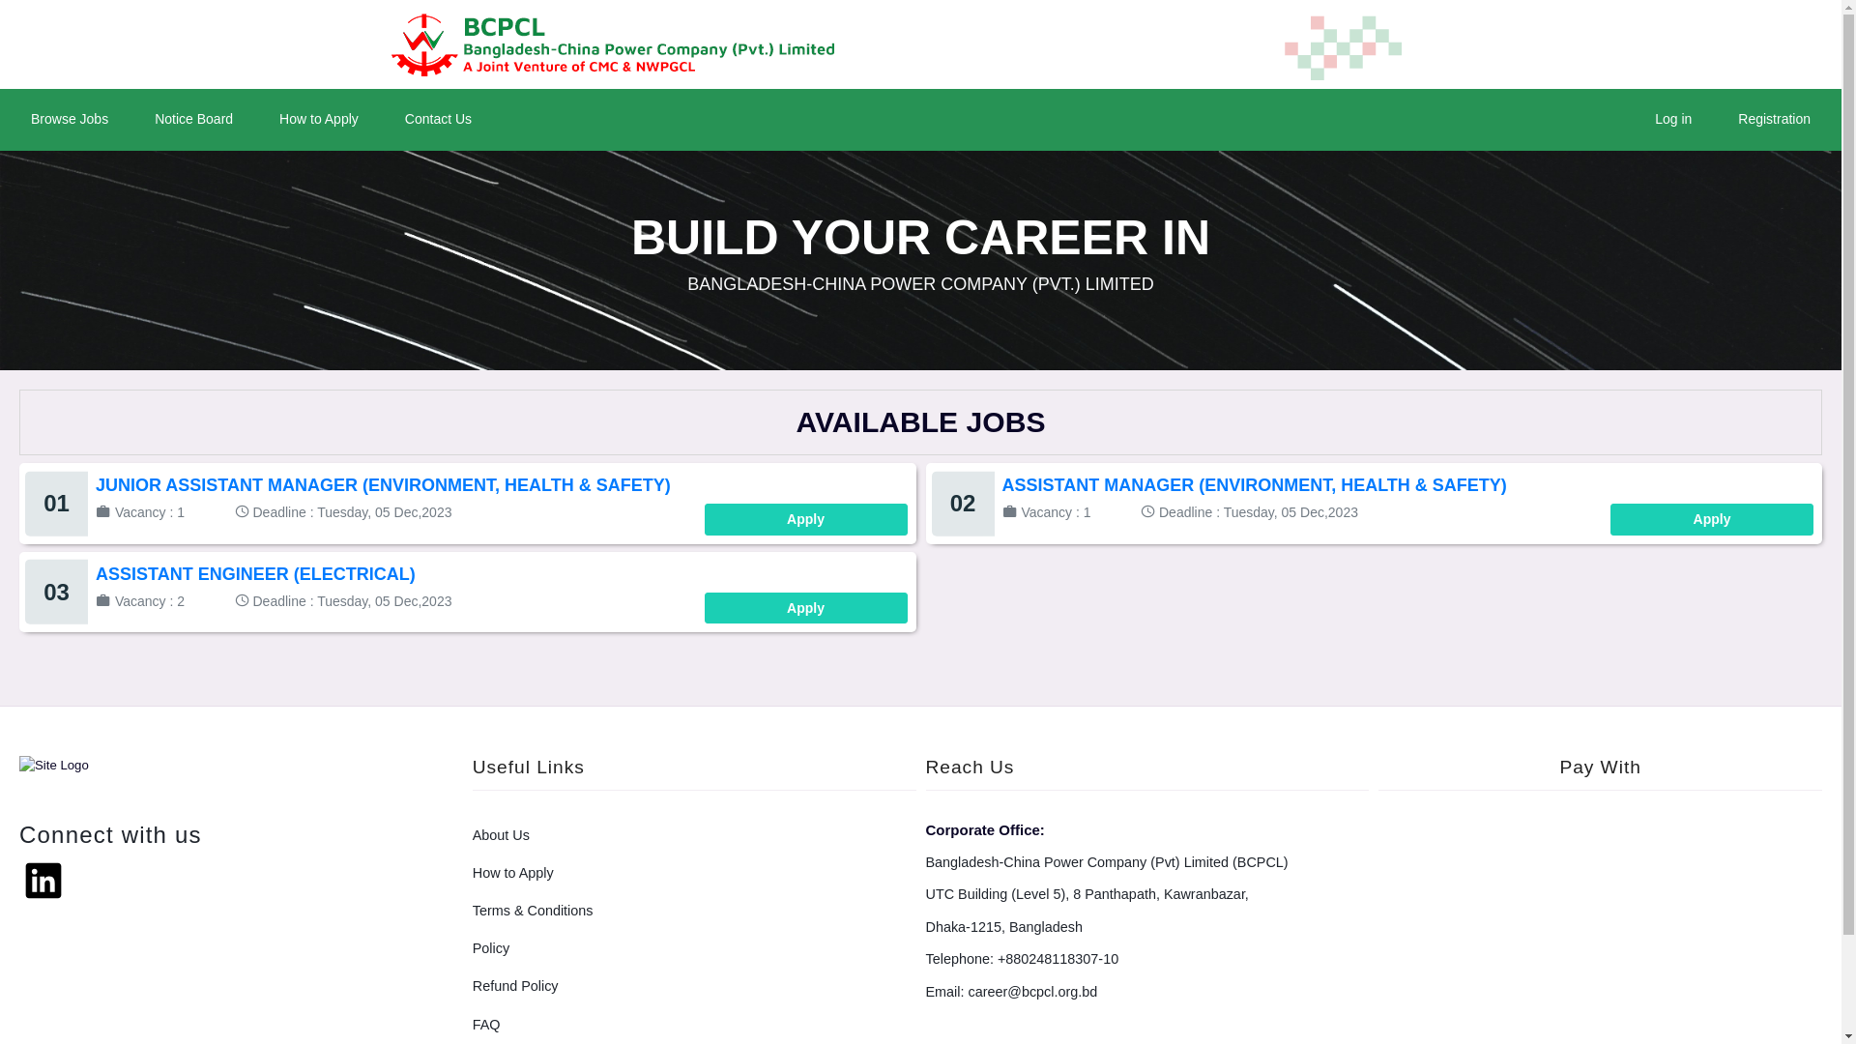  Describe the element at coordinates (437, 119) in the screenshot. I see `'Contact Us'` at that location.